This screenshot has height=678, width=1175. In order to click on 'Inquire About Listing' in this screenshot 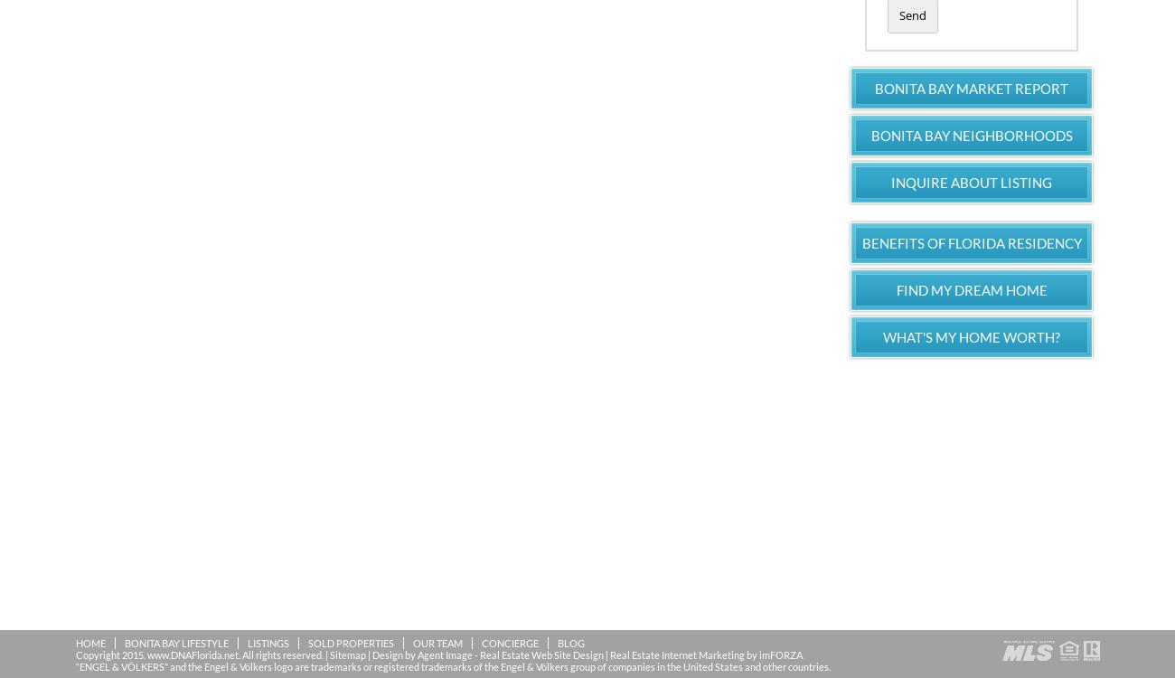, I will do `click(971, 181)`.